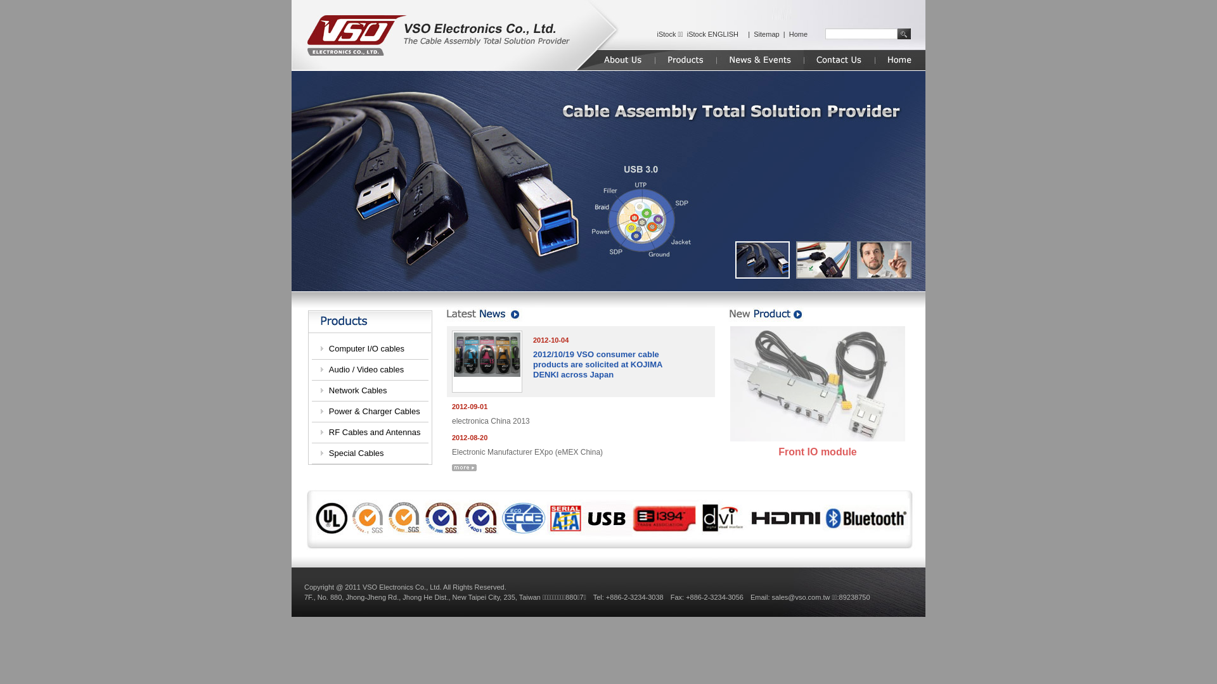 This screenshot has width=1217, height=684. What do you see at coordinates (754, 34) in the screenshot?
I see `'Sitemap'` at bounding box center [754, 34].